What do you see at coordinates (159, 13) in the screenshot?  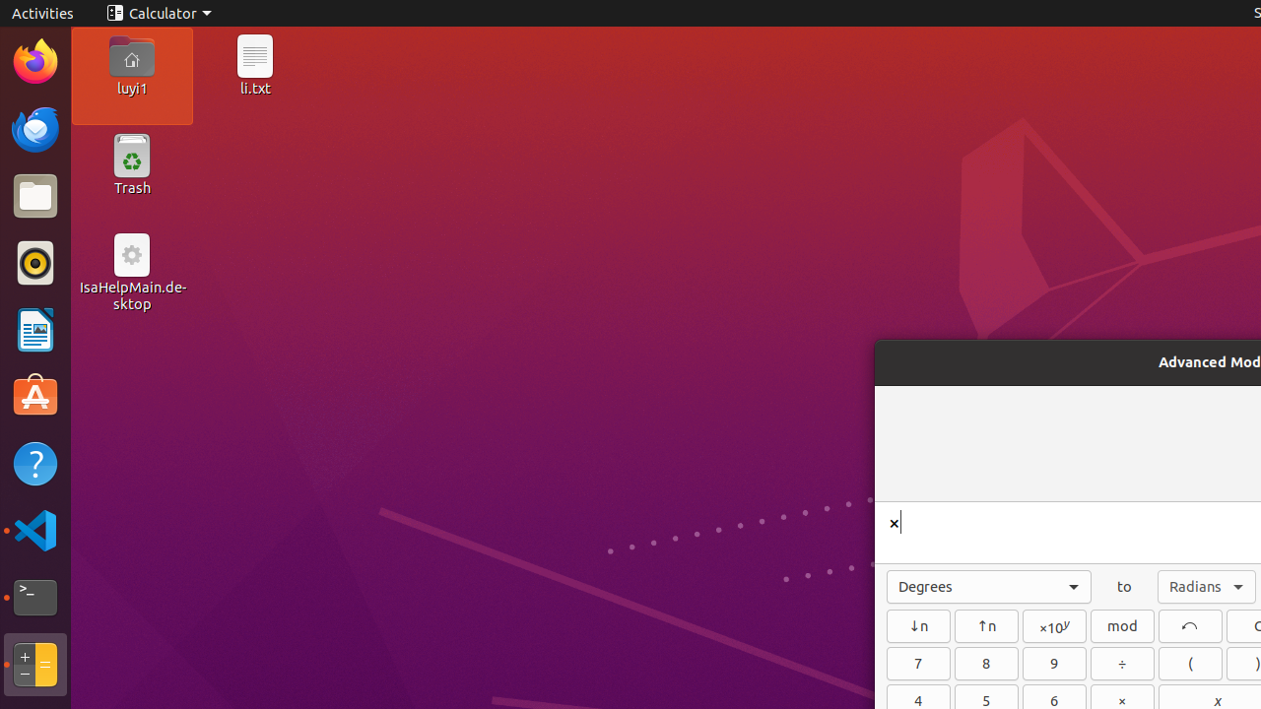 I see `'Calculator'` at bounding box center [159, 13].